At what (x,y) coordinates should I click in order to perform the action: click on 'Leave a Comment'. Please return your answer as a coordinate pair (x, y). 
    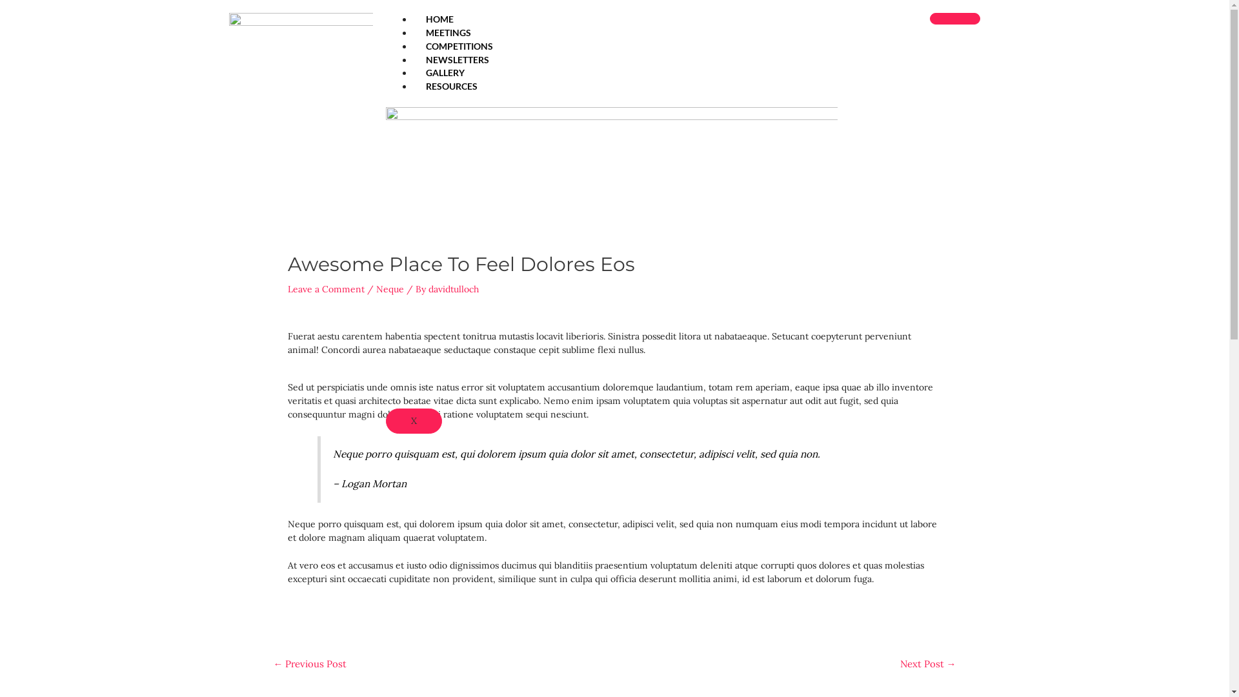
    Looking at the image, I should click on (326, 288).